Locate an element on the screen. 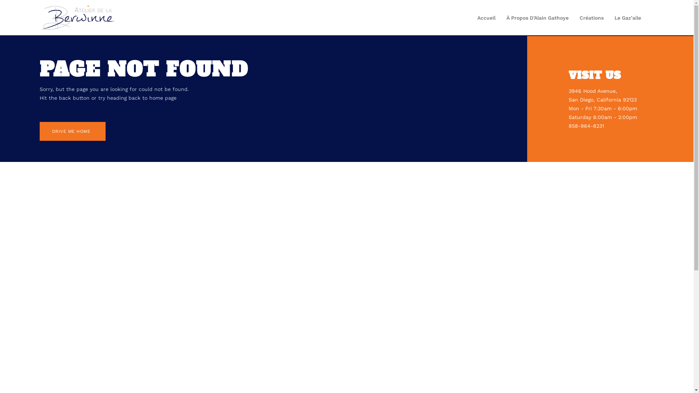 This screenshot has height=393, width=699. 'Accueil' is located at coordinates (486, 17).